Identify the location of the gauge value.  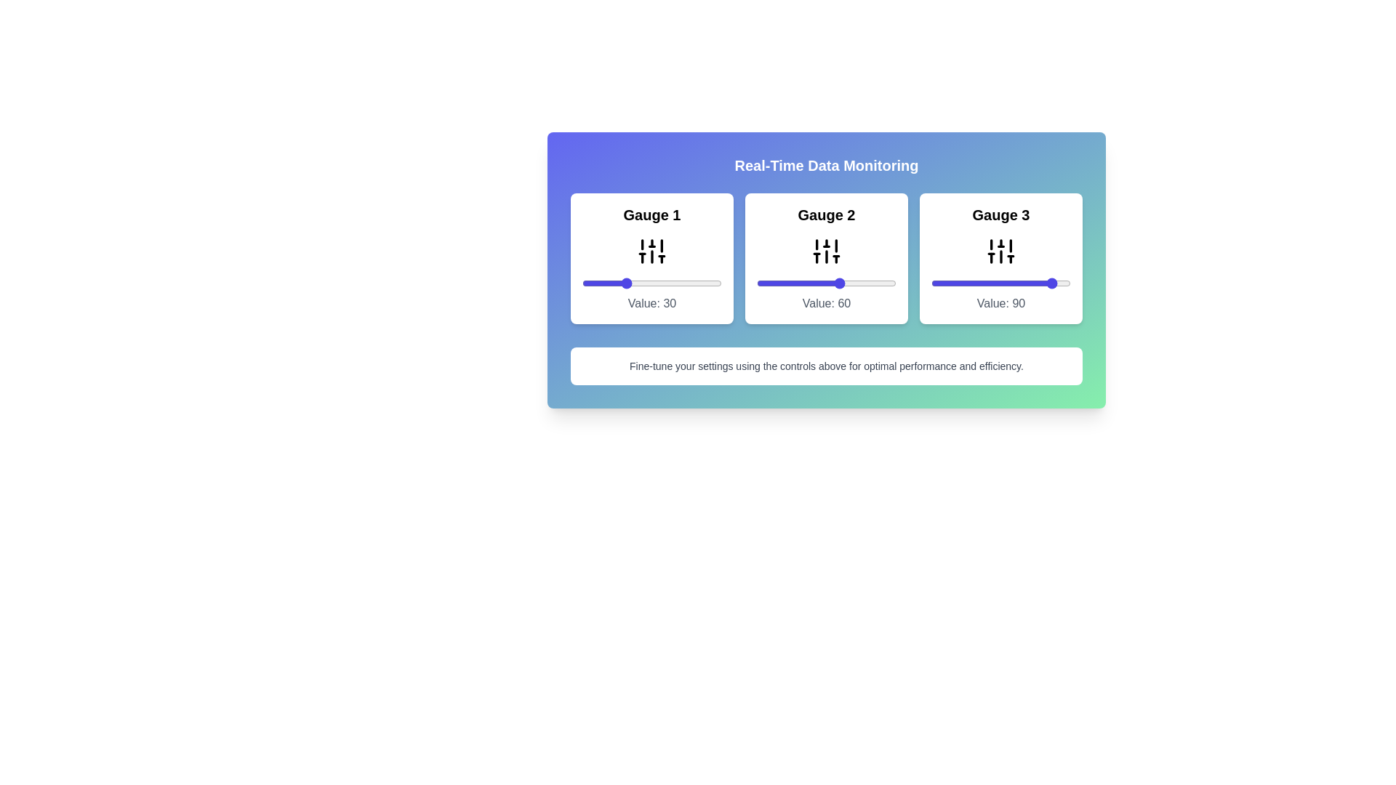
(590, 283).